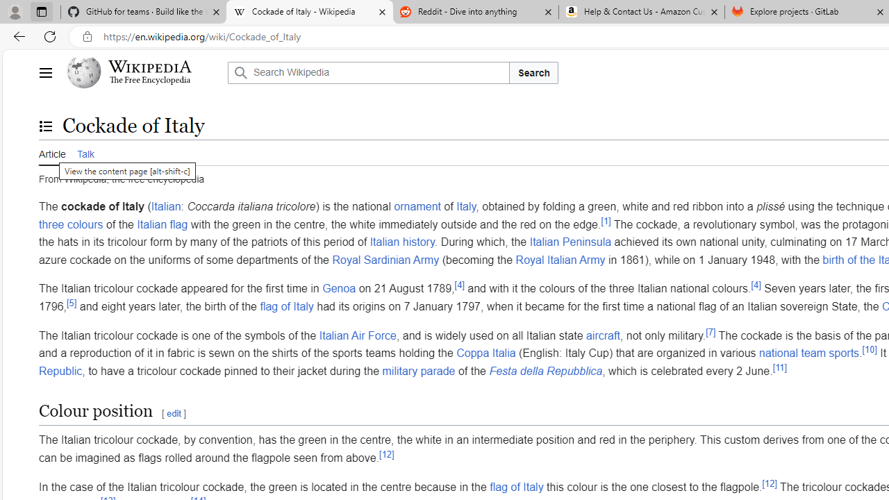 The width and height of the screenshot is (889, 500). I want to click on 'military parade', so click(417, 369).